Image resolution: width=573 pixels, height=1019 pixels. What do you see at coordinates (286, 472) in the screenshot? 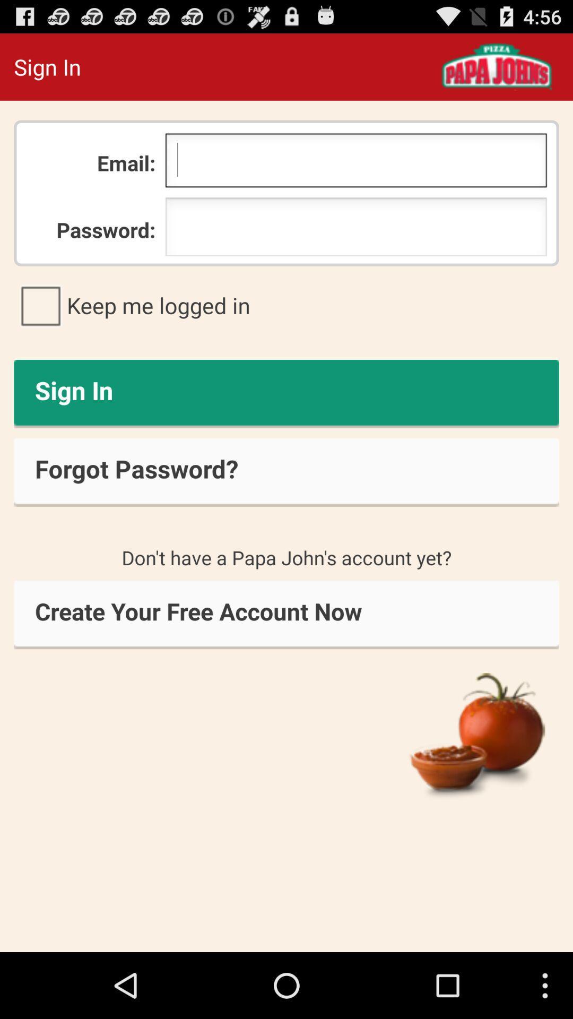
I see `the forgot password? icon` at bounding box center [286, 472].